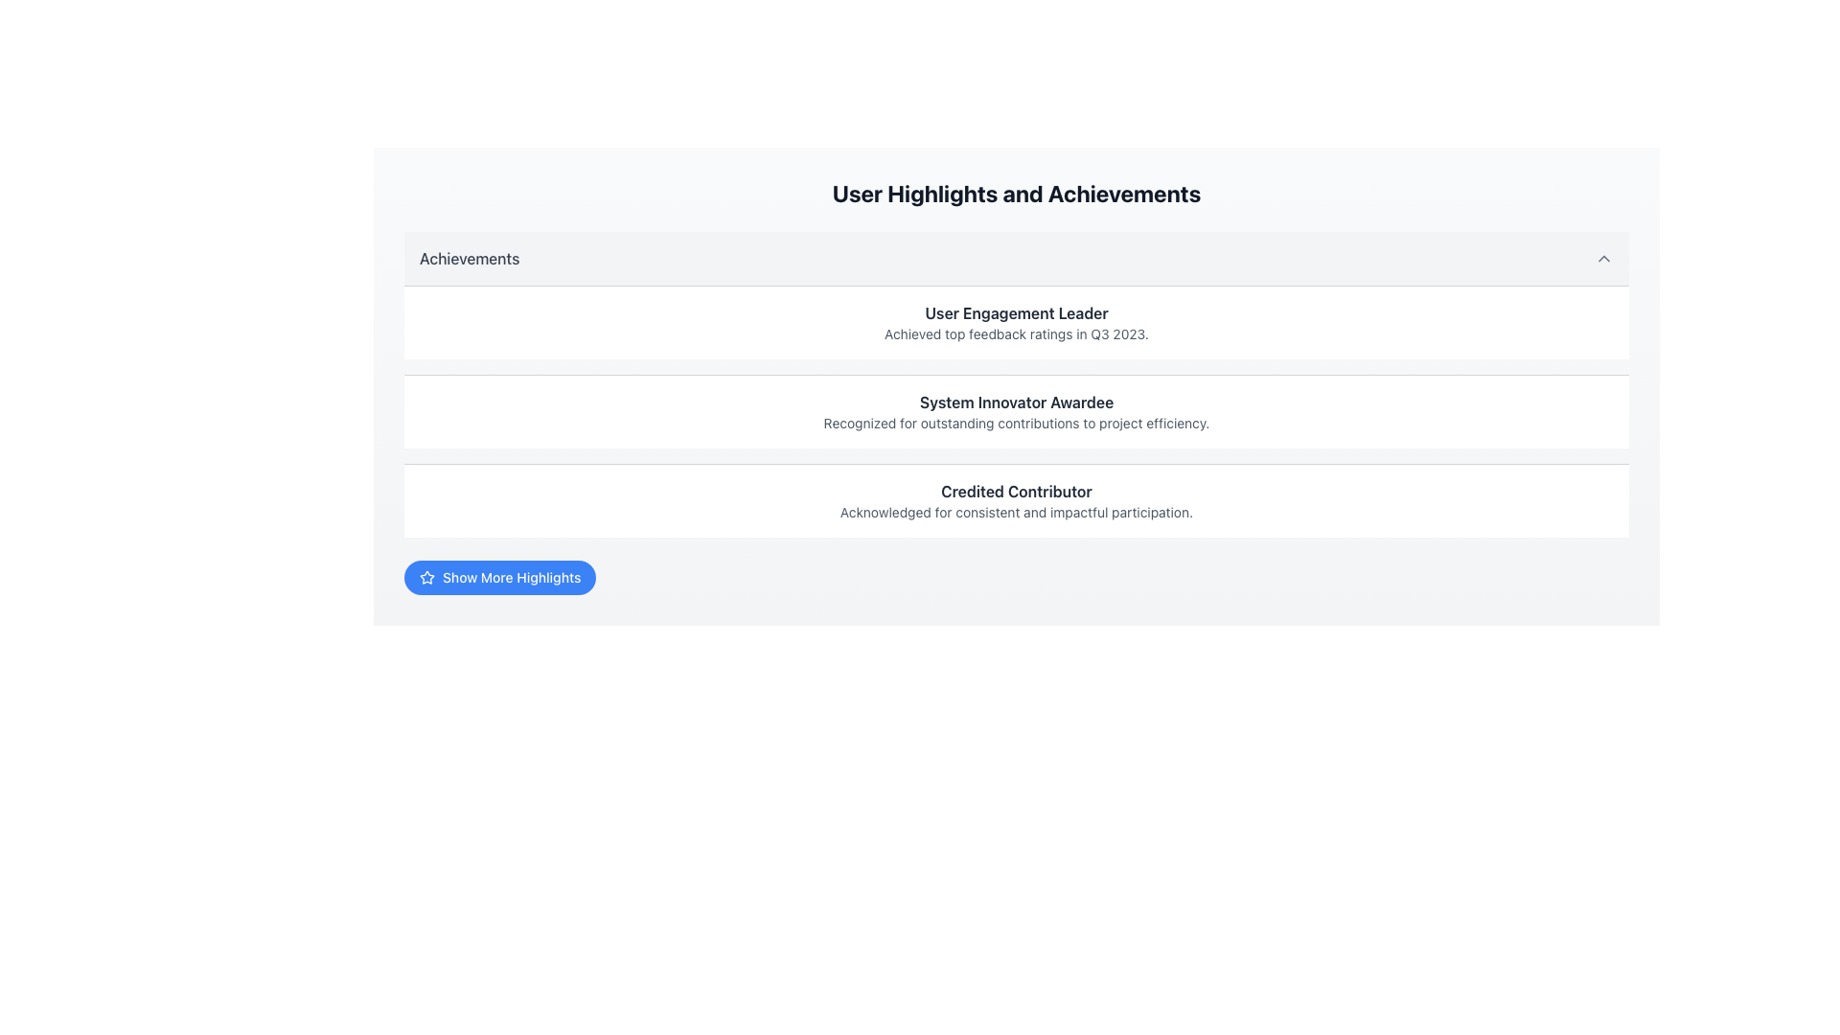  Describe the element at coordinates (1015, 423) in the screenshot. I see `descriptive content of the Text Label that provides details about the 'System Innovator Awardee' accolade` at that location.